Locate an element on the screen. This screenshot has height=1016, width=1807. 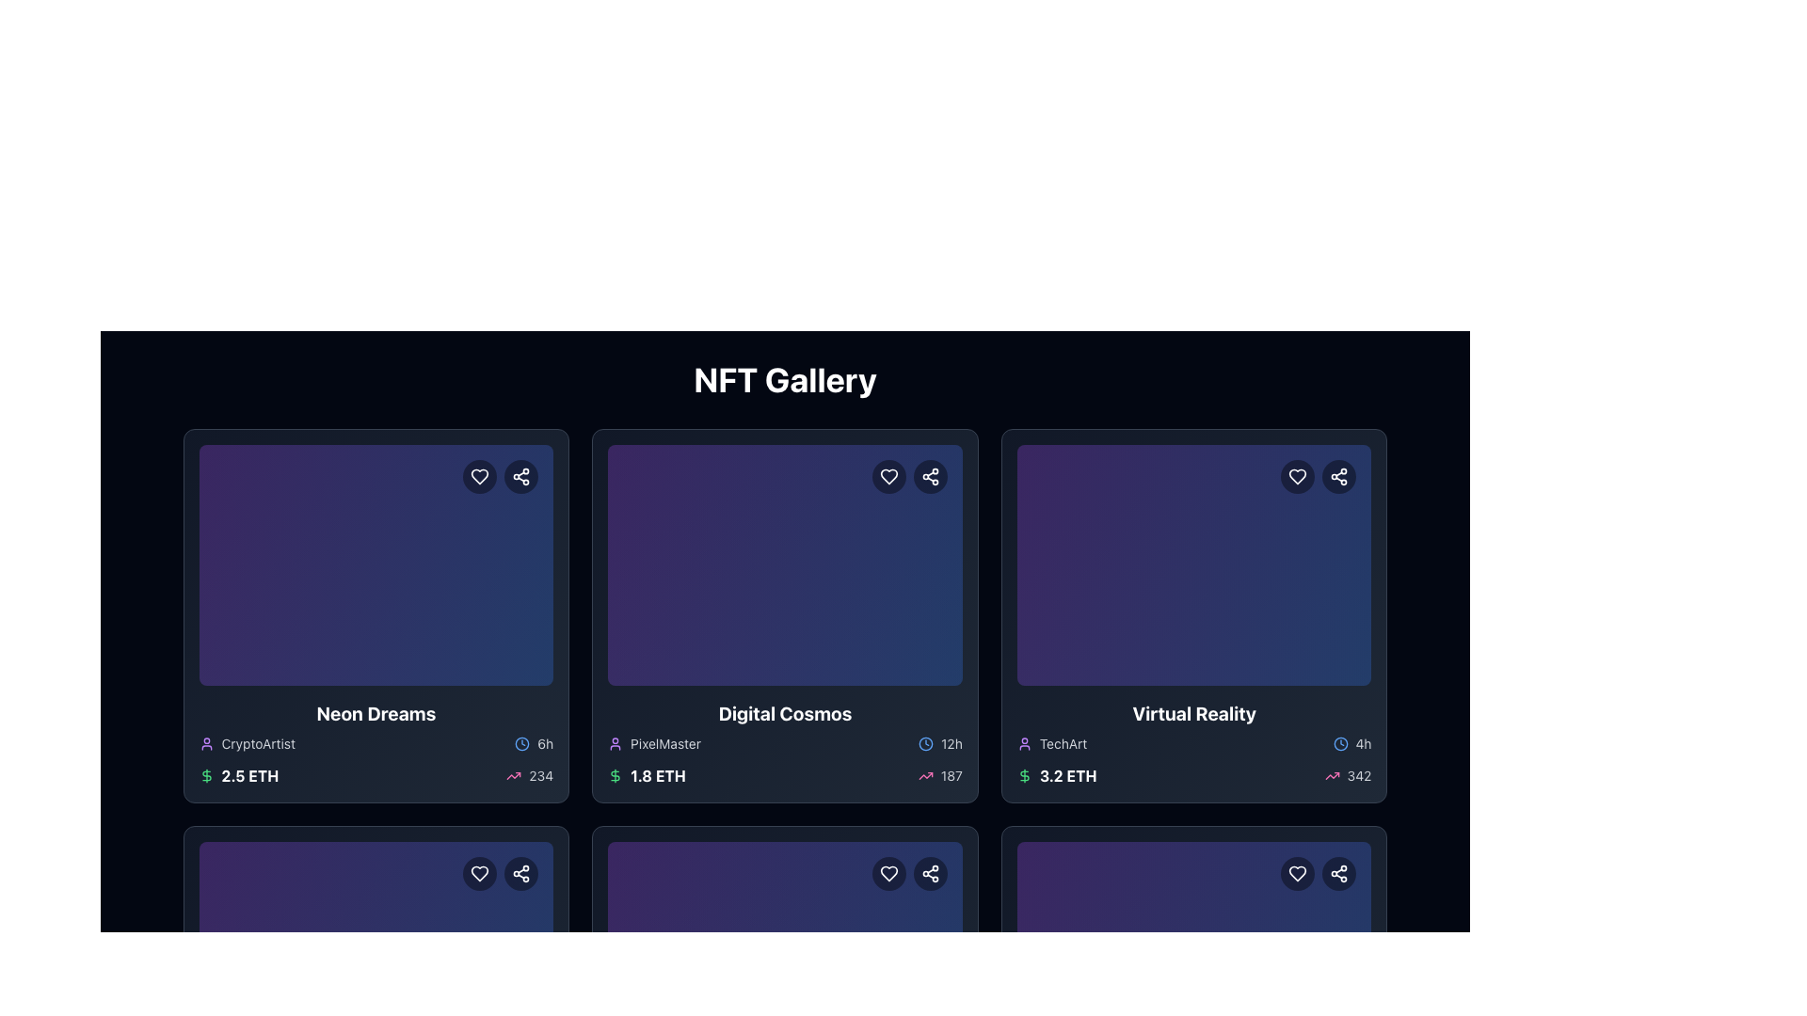
the sharing icon located in the top-right corner of the item card, adjacent to the heart-shaped icon is located at coordinates (930, 874).